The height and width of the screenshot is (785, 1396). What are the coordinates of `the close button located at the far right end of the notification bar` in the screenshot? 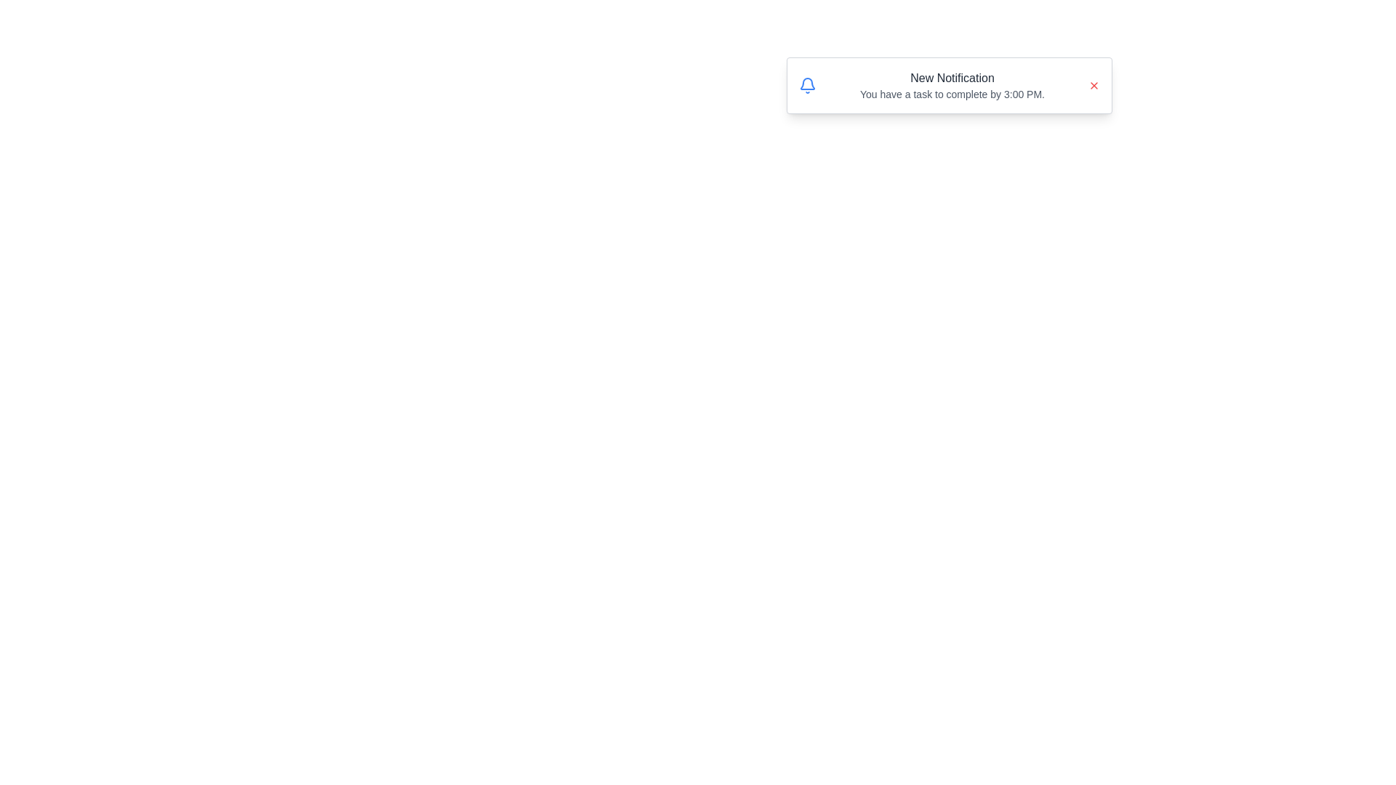 It's located at (1094, 86).